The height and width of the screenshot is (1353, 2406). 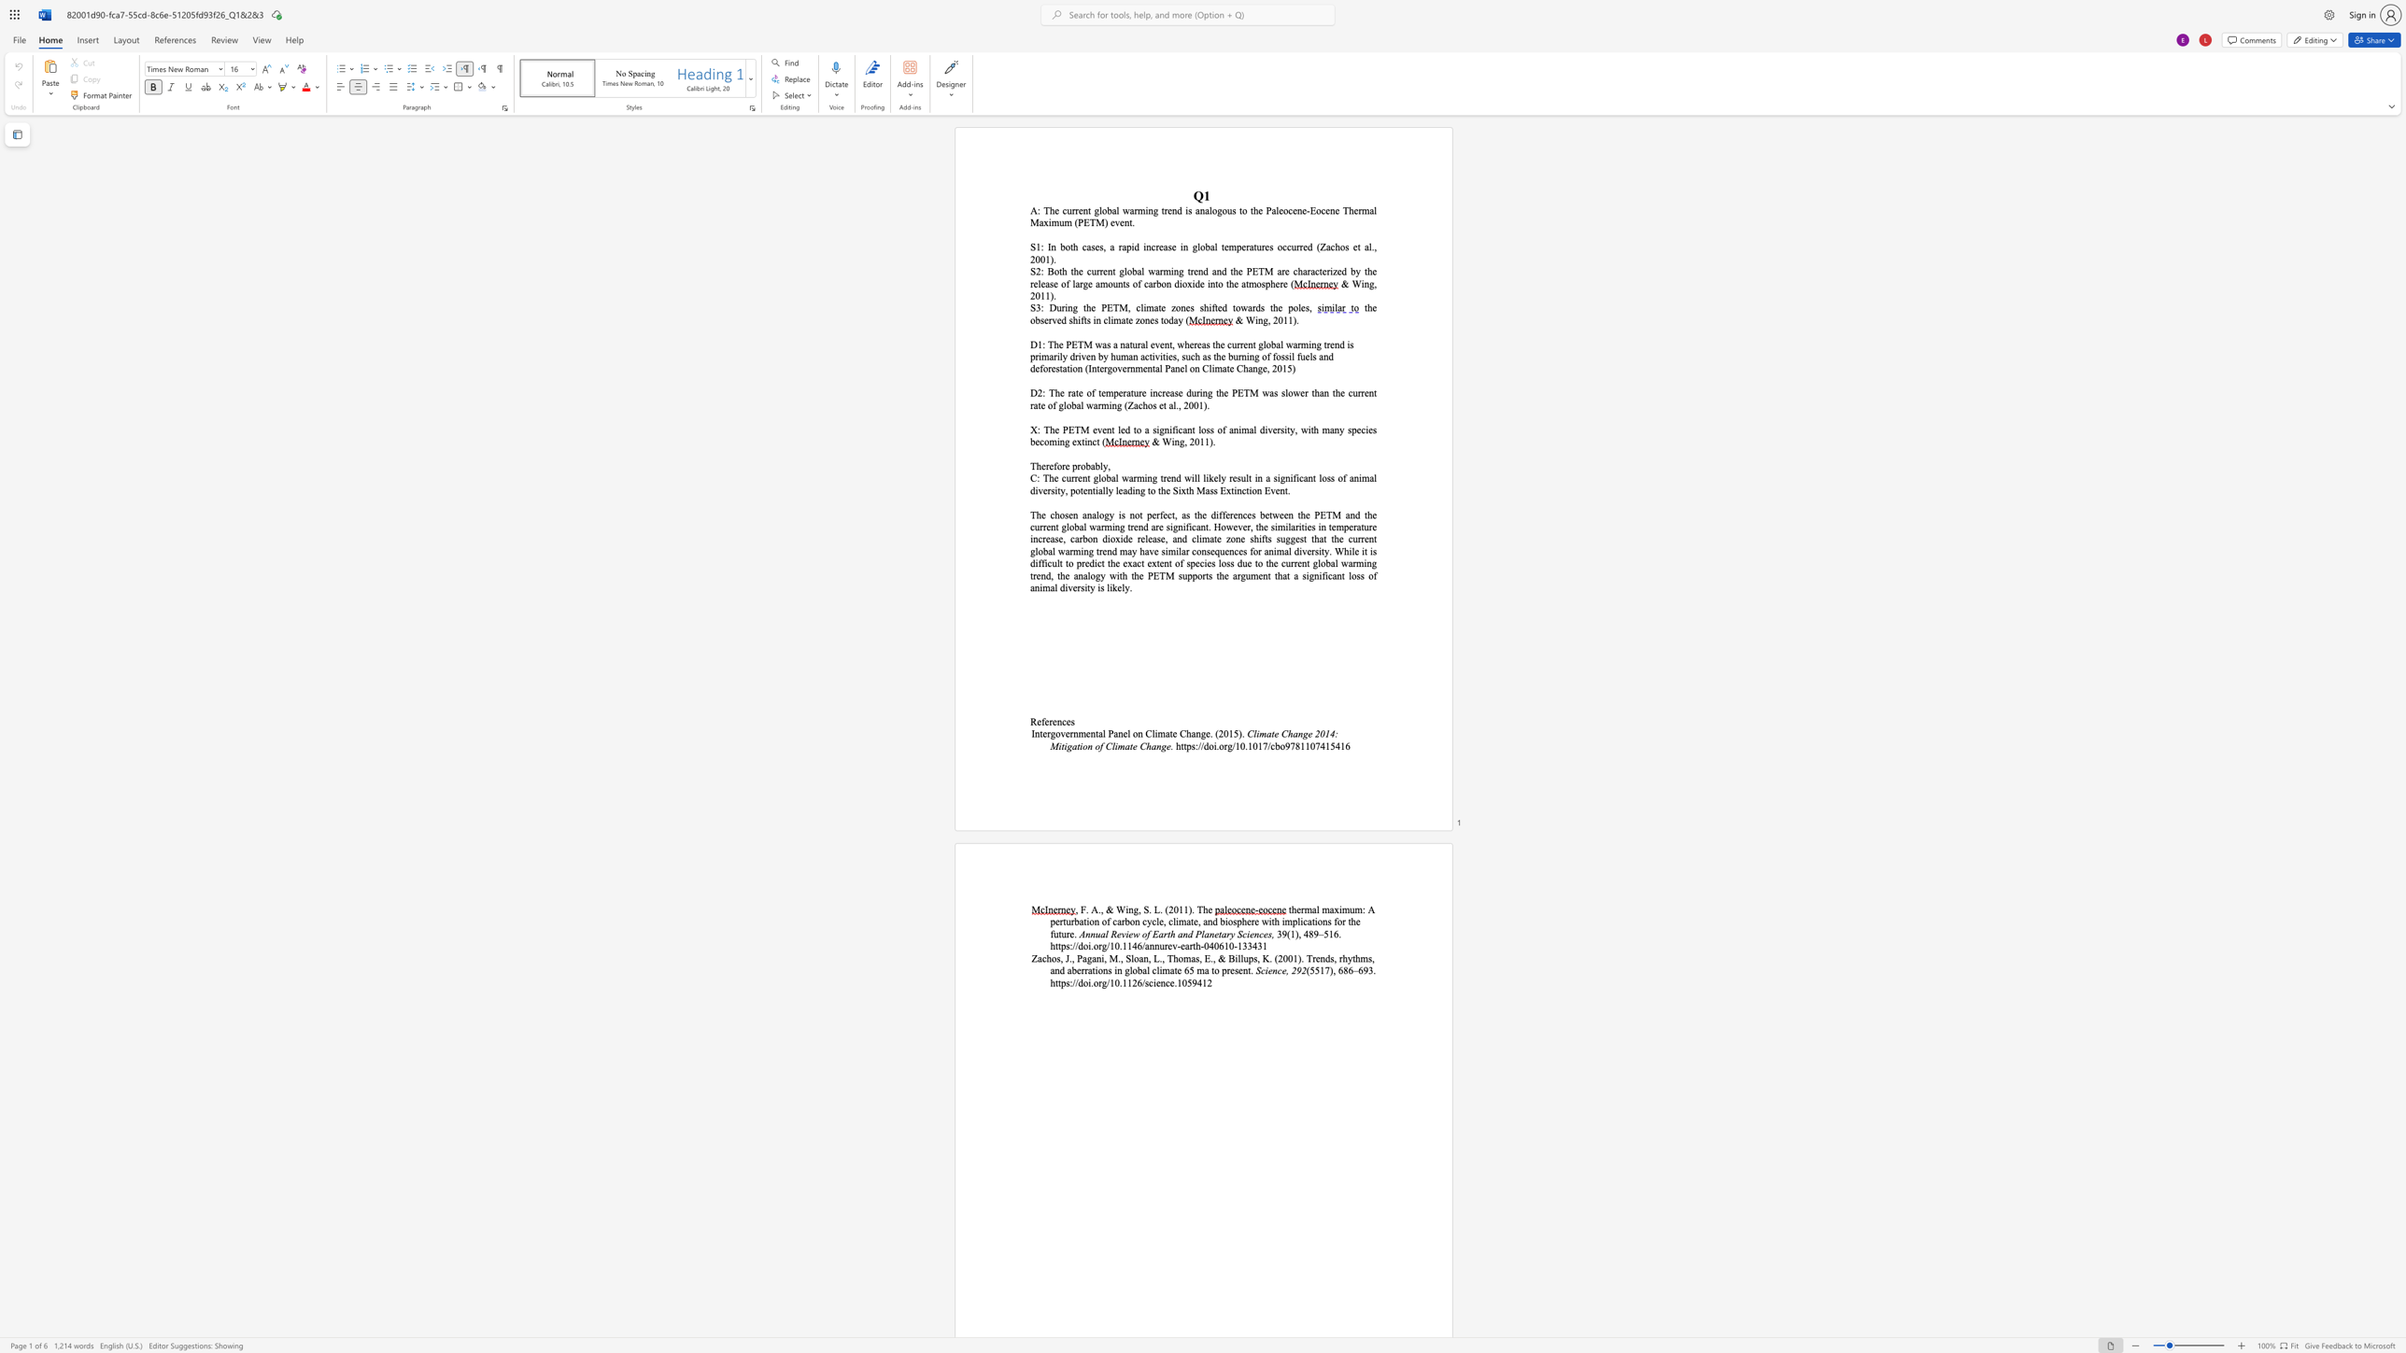 I want to click on the subset text "erfect, as the differences between the PETM and the current global warmi" within the text "The chosen analogy is not perfect, as the differences between the PETM and the current global warming trend are", so click(x=1151, y=514).